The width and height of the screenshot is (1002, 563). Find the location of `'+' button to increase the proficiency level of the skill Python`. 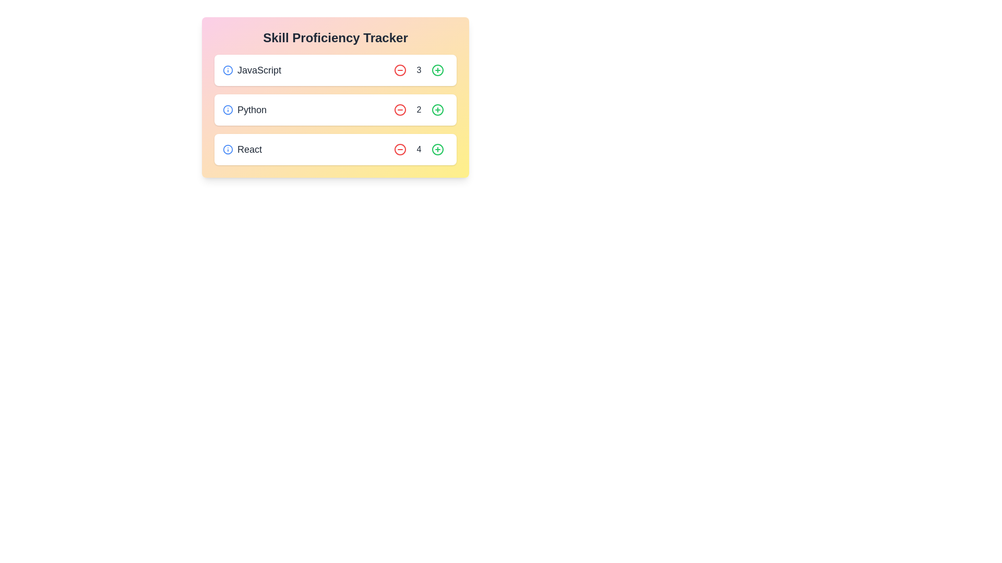

'+' button to increase the proficiency level of the skill Python is located at coordinates (438, 110).